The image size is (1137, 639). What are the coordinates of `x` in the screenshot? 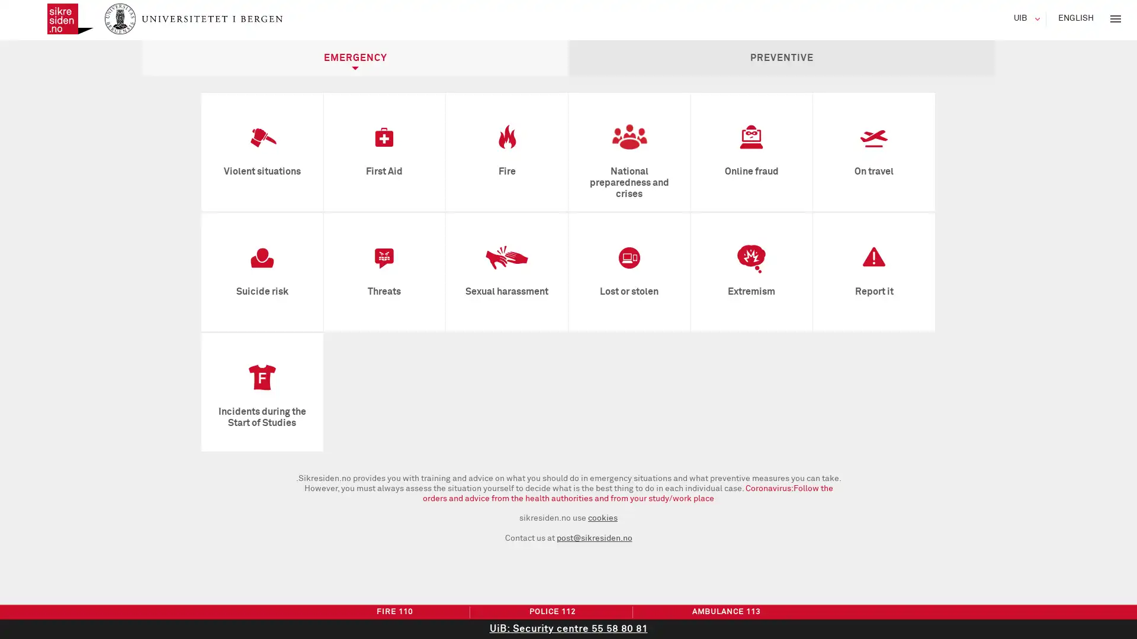 It's located at (1114, 18).